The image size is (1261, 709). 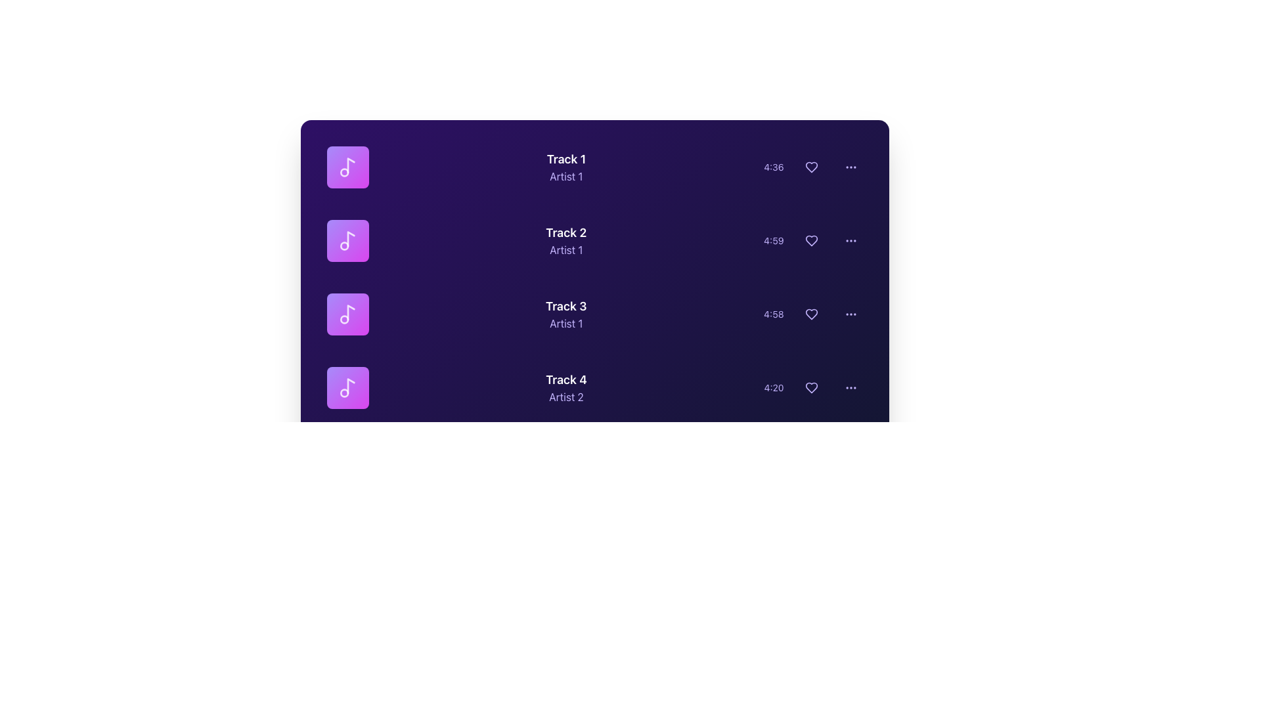 I want to click on the text element displaying 'Artist 1', which is in violet color and positioned directly below the 'Track 1' title, so click(x=566, y=176).